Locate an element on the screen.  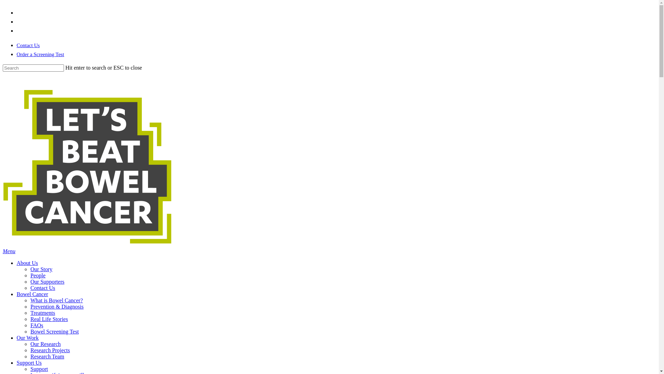
'Research Projects' is located at coordinates (30, 350).